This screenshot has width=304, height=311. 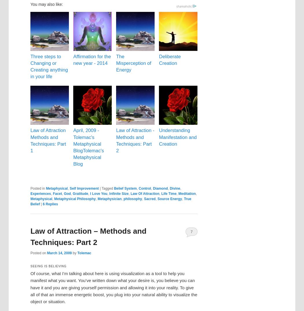 I want to click on 'Meditation', so click(x=178, y=193).